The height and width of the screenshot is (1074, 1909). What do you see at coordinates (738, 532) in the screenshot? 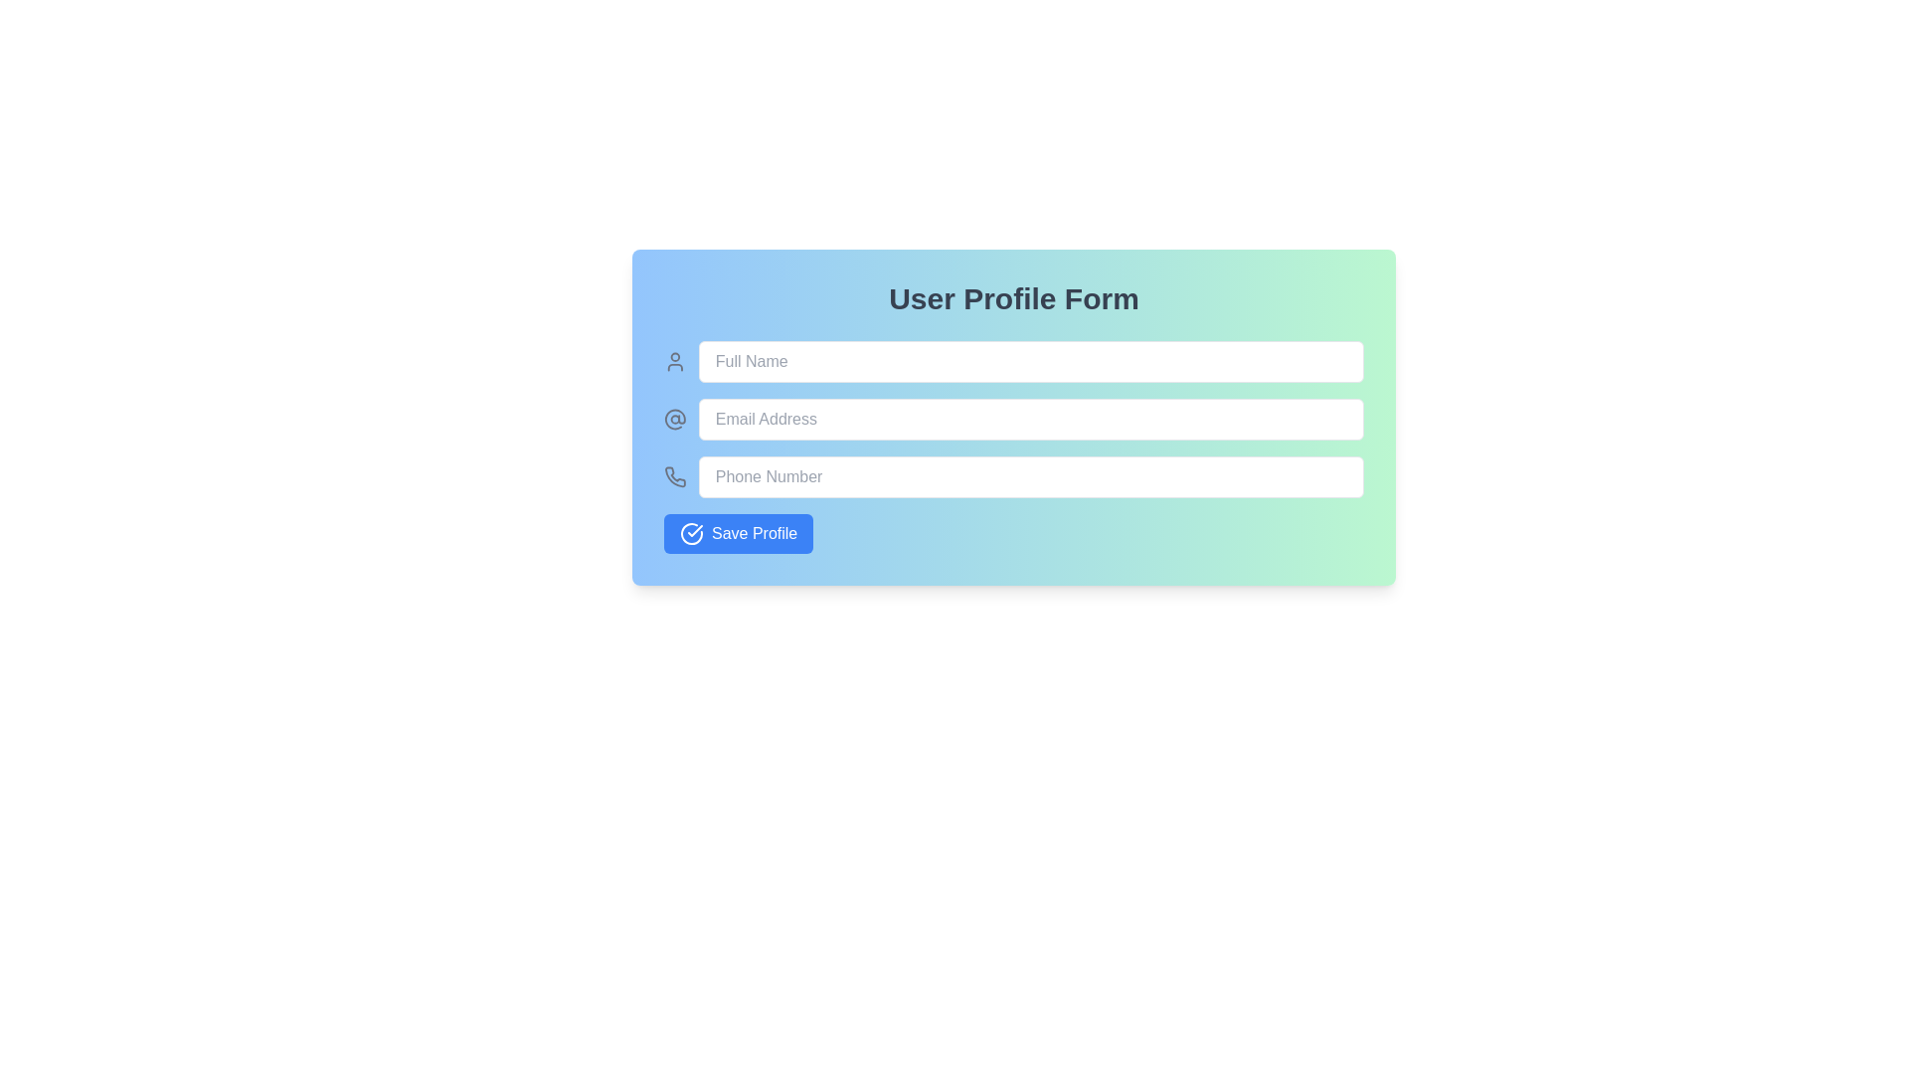
I see `the 'Save Profile' button with a blue background and a checkmark icon` at bounding box center [738, 532].